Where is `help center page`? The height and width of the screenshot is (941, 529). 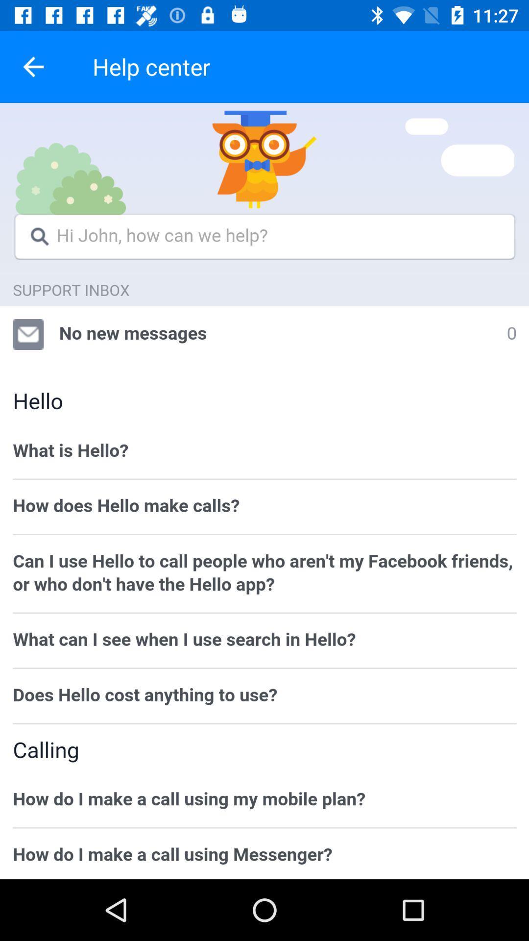 help center page is located at coordinates (264, 491).